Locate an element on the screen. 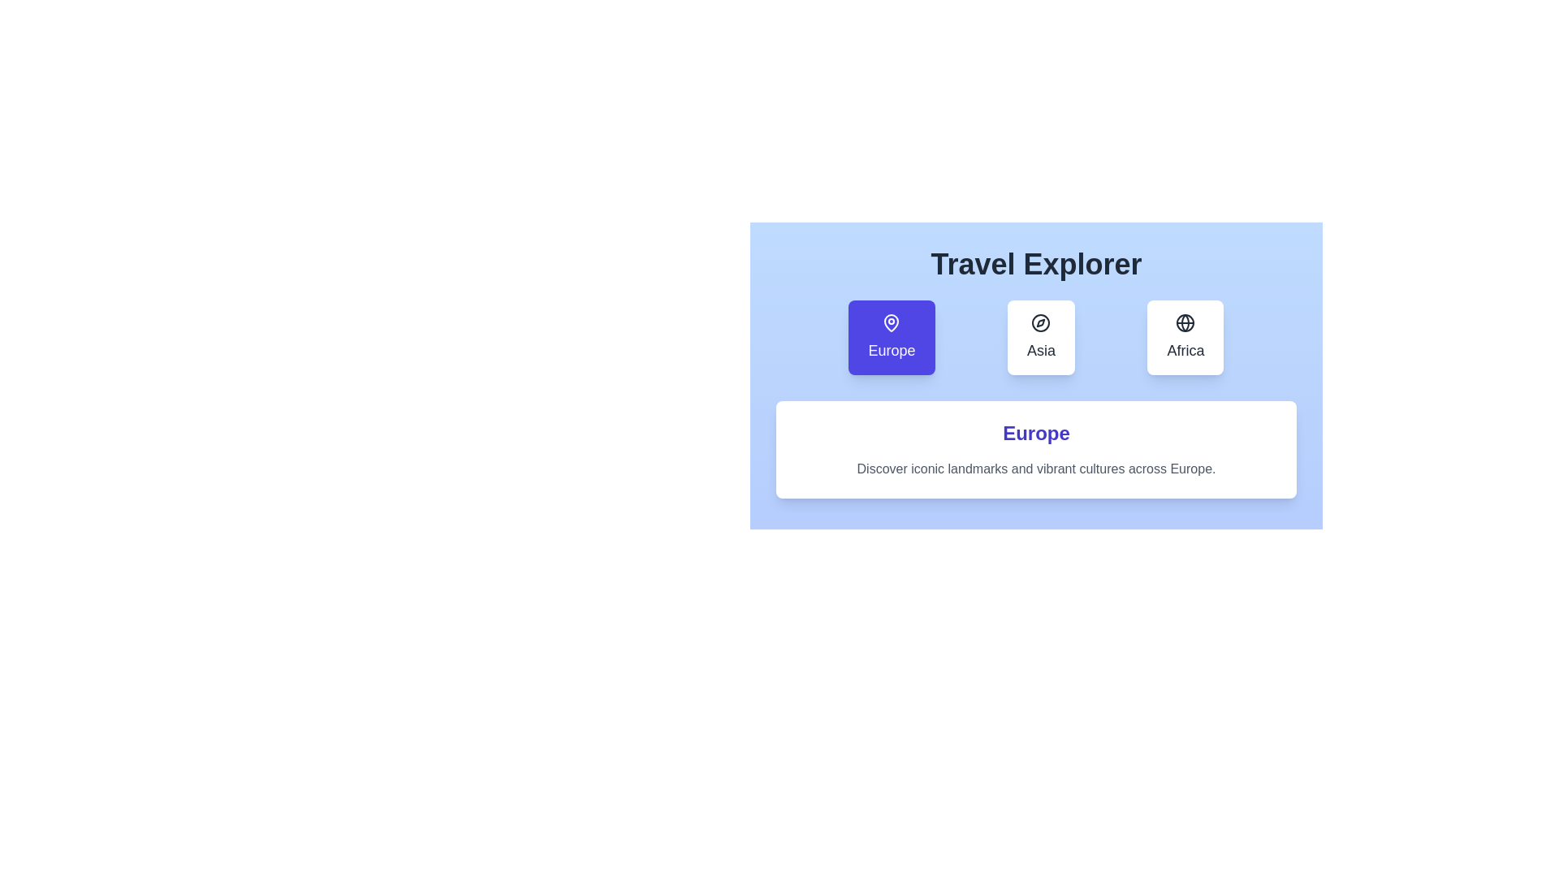 This screenshot has width=1559, height=877. the compass icon within the card labeled 'Asia', which is the second card in a horizontal sequence of three, centrally located within the card is located at coordinates (1041, 322).